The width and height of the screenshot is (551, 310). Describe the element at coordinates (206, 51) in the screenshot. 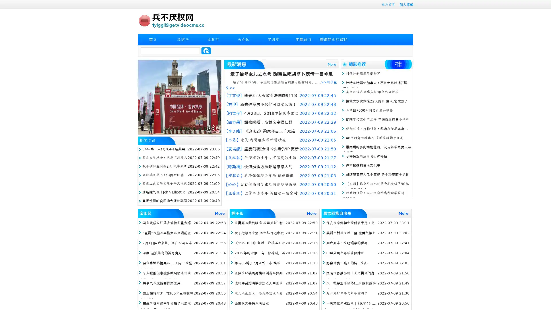

I see `Search` at that location.